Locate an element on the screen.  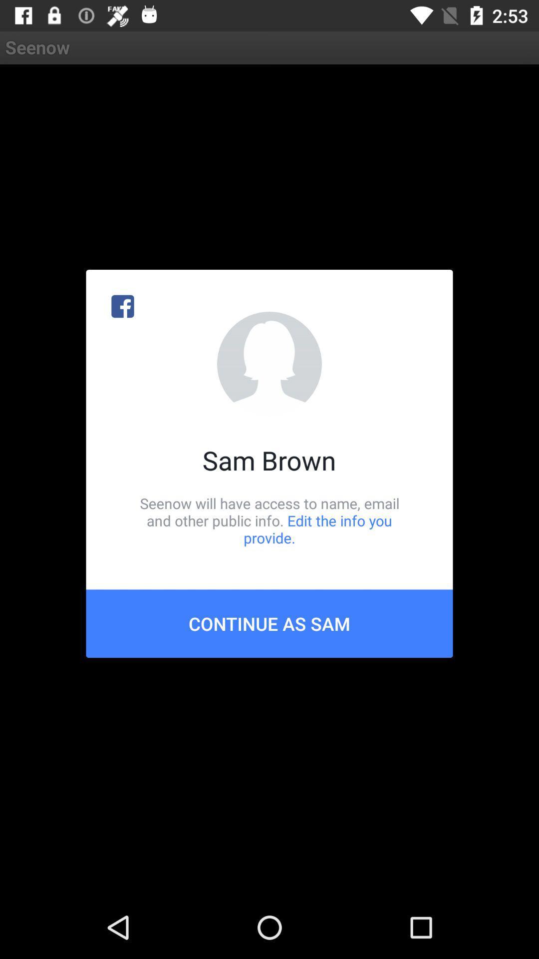
the continue as sam is located at coordinates (269, 623).